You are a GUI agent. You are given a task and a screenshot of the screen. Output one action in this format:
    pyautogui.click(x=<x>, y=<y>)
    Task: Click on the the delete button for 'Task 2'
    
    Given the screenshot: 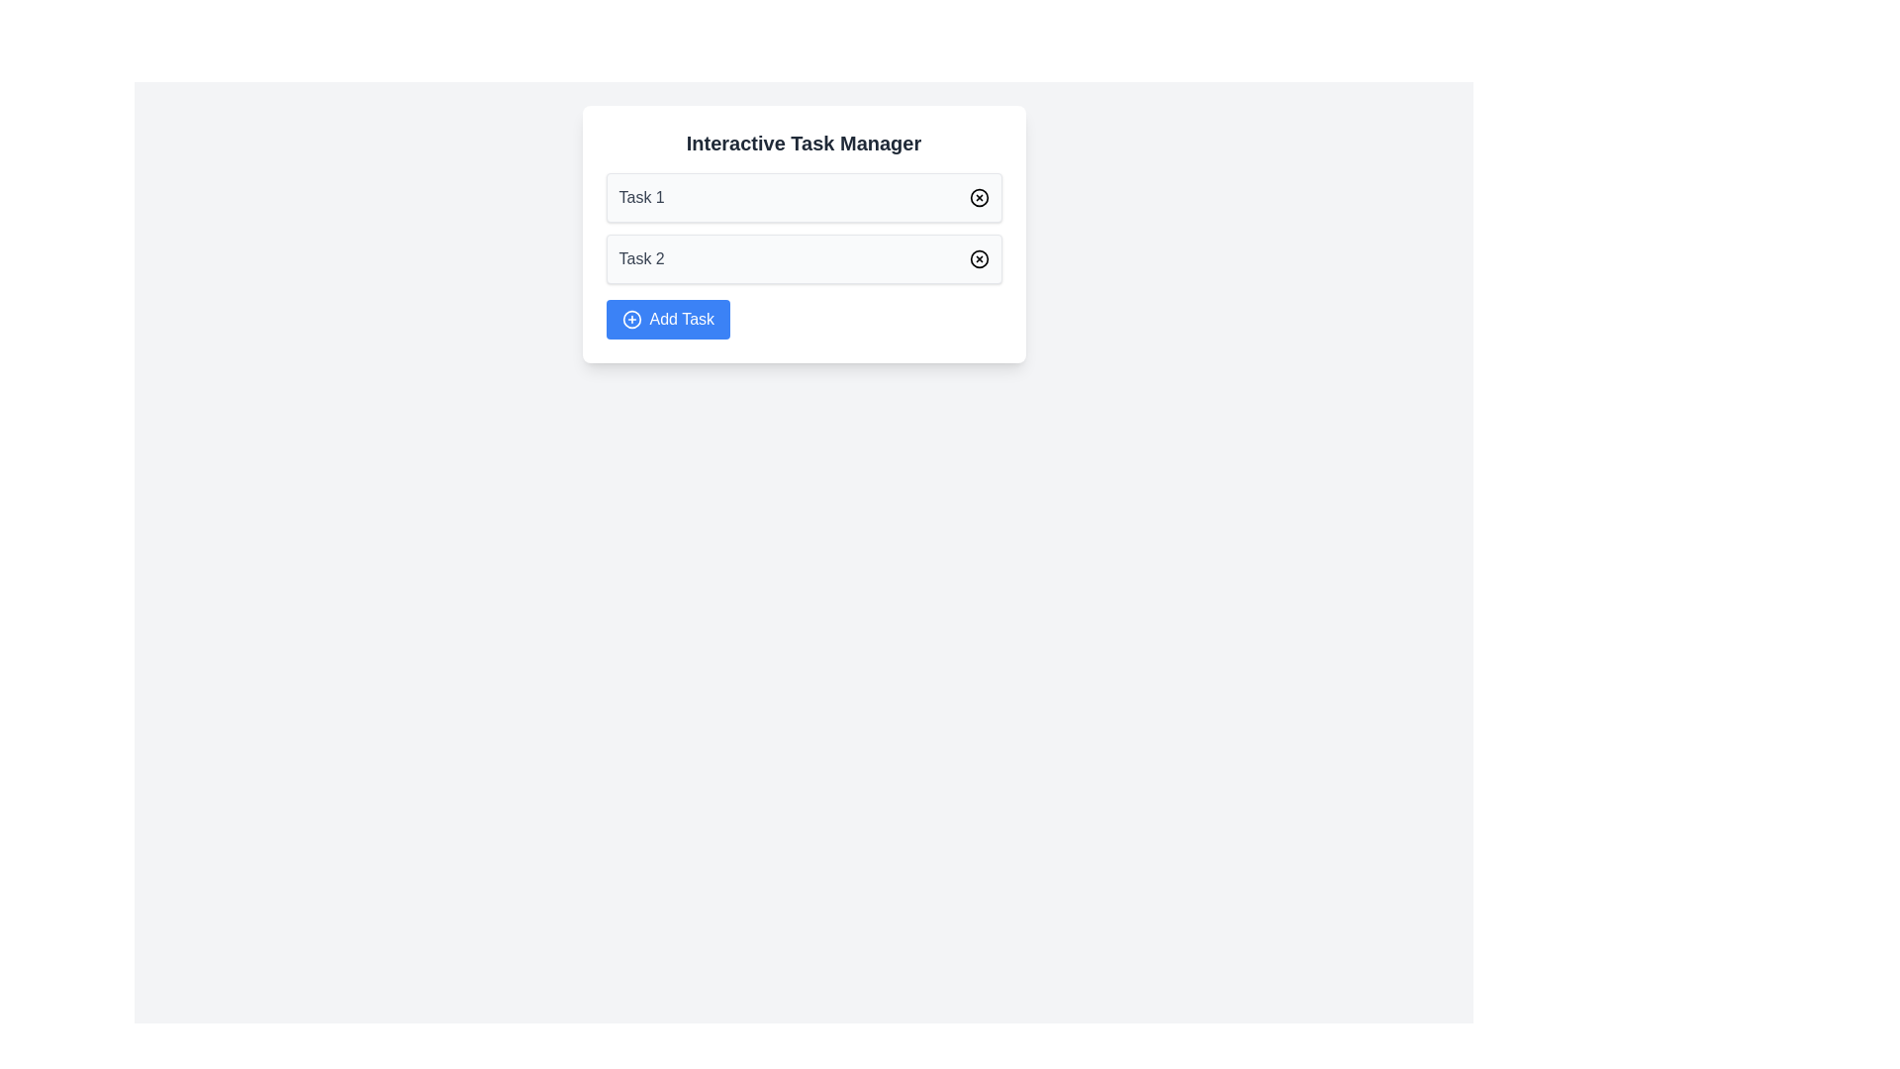 What is the action you would take?
    pyautogui.click(x=979, y=258)
    